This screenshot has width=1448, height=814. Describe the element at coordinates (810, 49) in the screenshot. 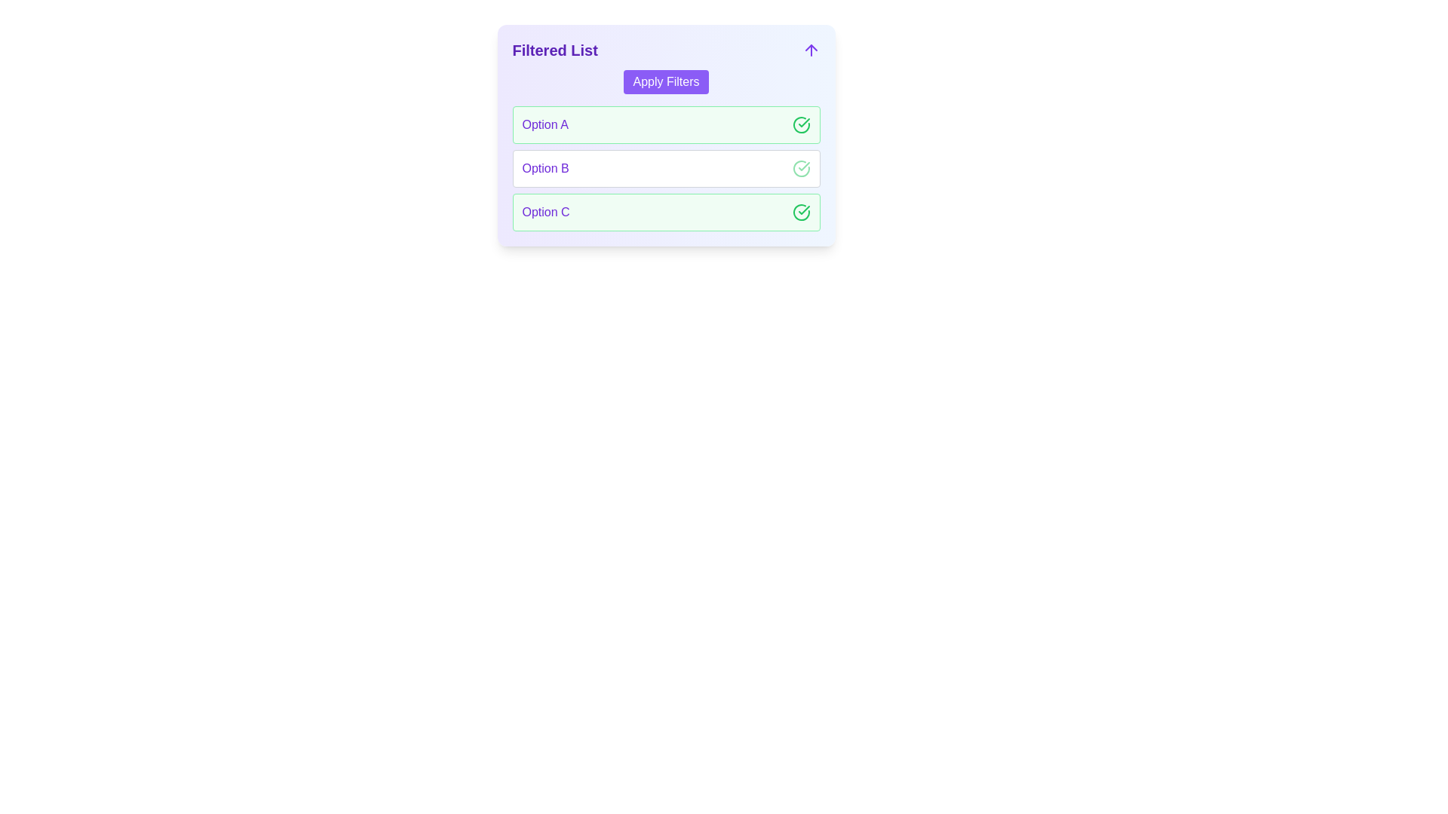

I see `the arrow button to toggle the filter section visibility` at that location.